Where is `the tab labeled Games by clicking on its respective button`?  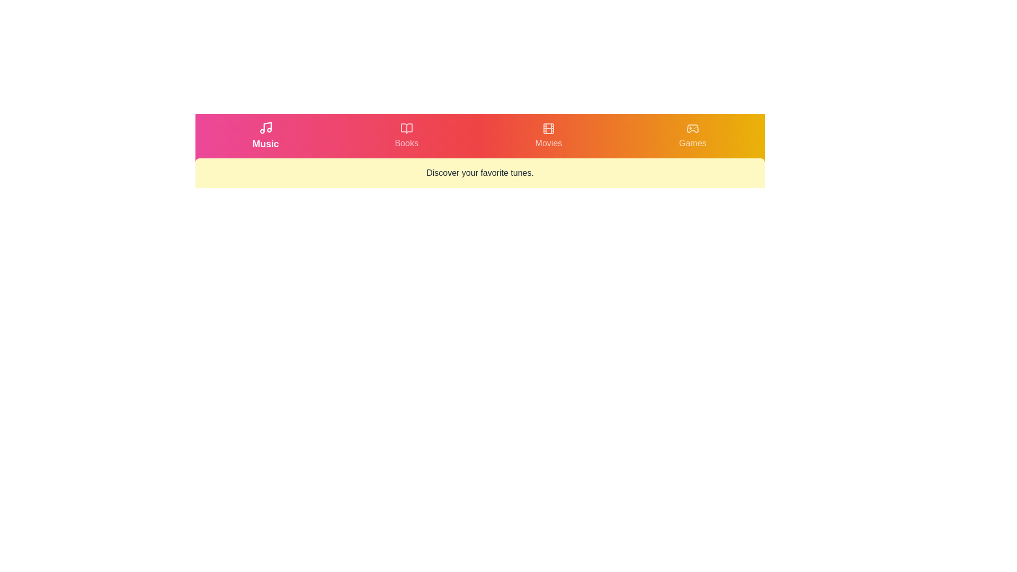 the tab labeled Games by clicking on its respective button is located at coordinates (693, 136).